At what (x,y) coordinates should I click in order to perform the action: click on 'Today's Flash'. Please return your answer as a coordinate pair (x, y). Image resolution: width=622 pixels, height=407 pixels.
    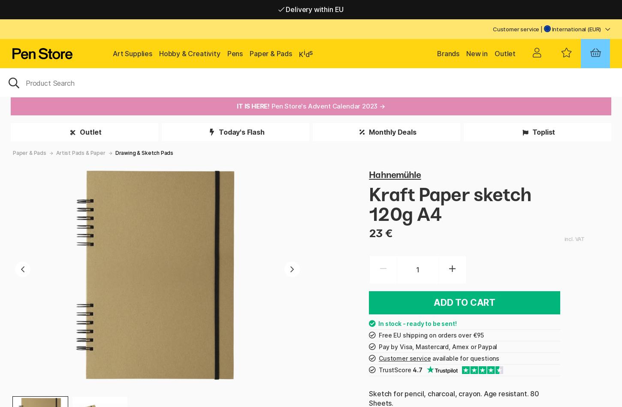
    Looking at the image, I should click on (241, 132).